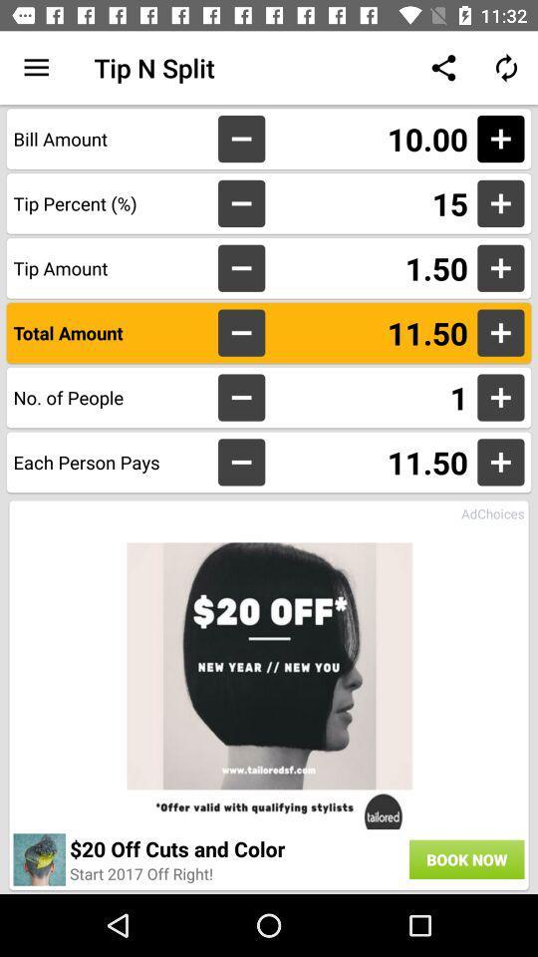 This screenshot has height=957, width=538. What do you see at coordinates (371, 138) in the screenshot?
I see `the item above the 15 icon` at bounding box center [371, 138].